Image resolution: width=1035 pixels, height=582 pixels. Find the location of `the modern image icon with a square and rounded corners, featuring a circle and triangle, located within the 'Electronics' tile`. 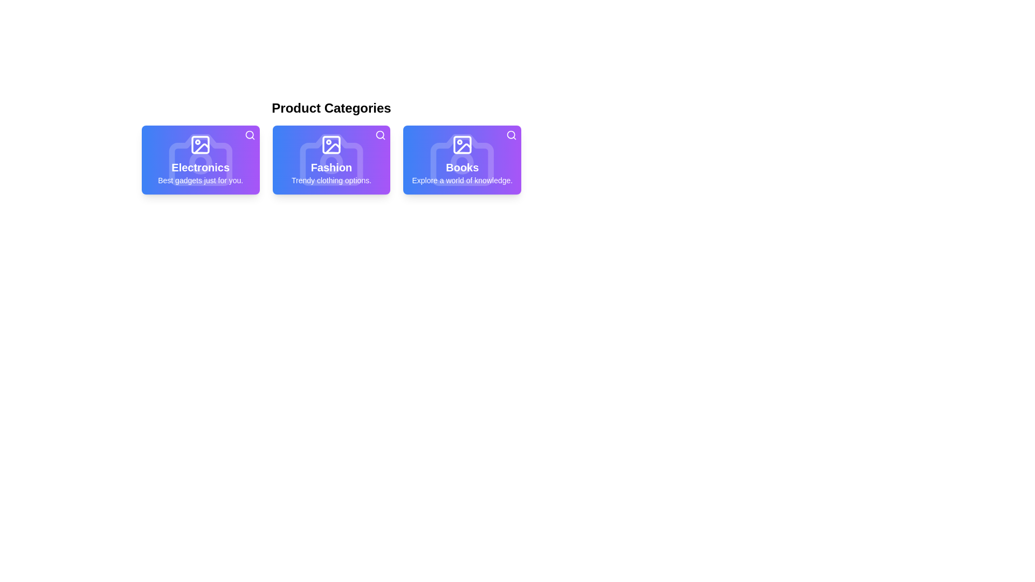

the modern image icon with a square and rounded corners, featuring a circle and triangle, located within the 'Electronics' tile is located at coordinates (201, 144).